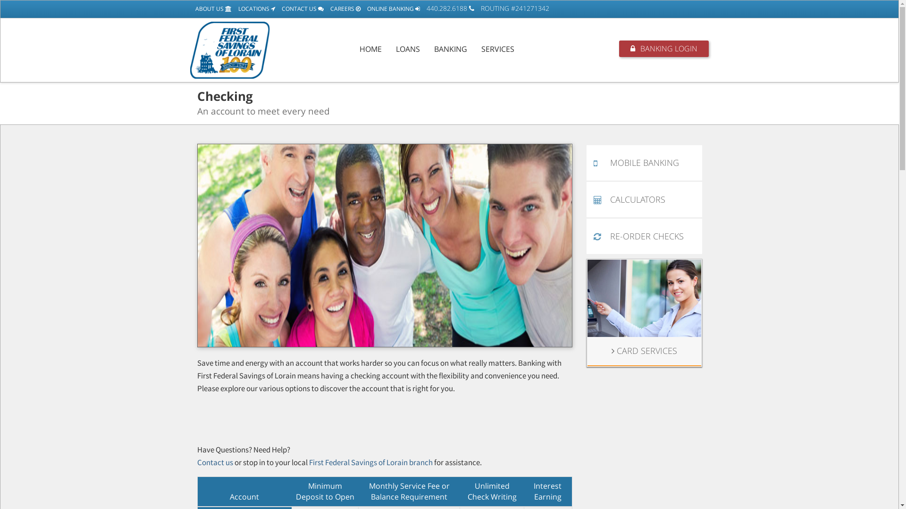 This screenshot has width=906, height=509. What do you see at coordinates (189, 8) in the screenshot?
I see `'ABOUT US'` at bounding box center [189, 8].